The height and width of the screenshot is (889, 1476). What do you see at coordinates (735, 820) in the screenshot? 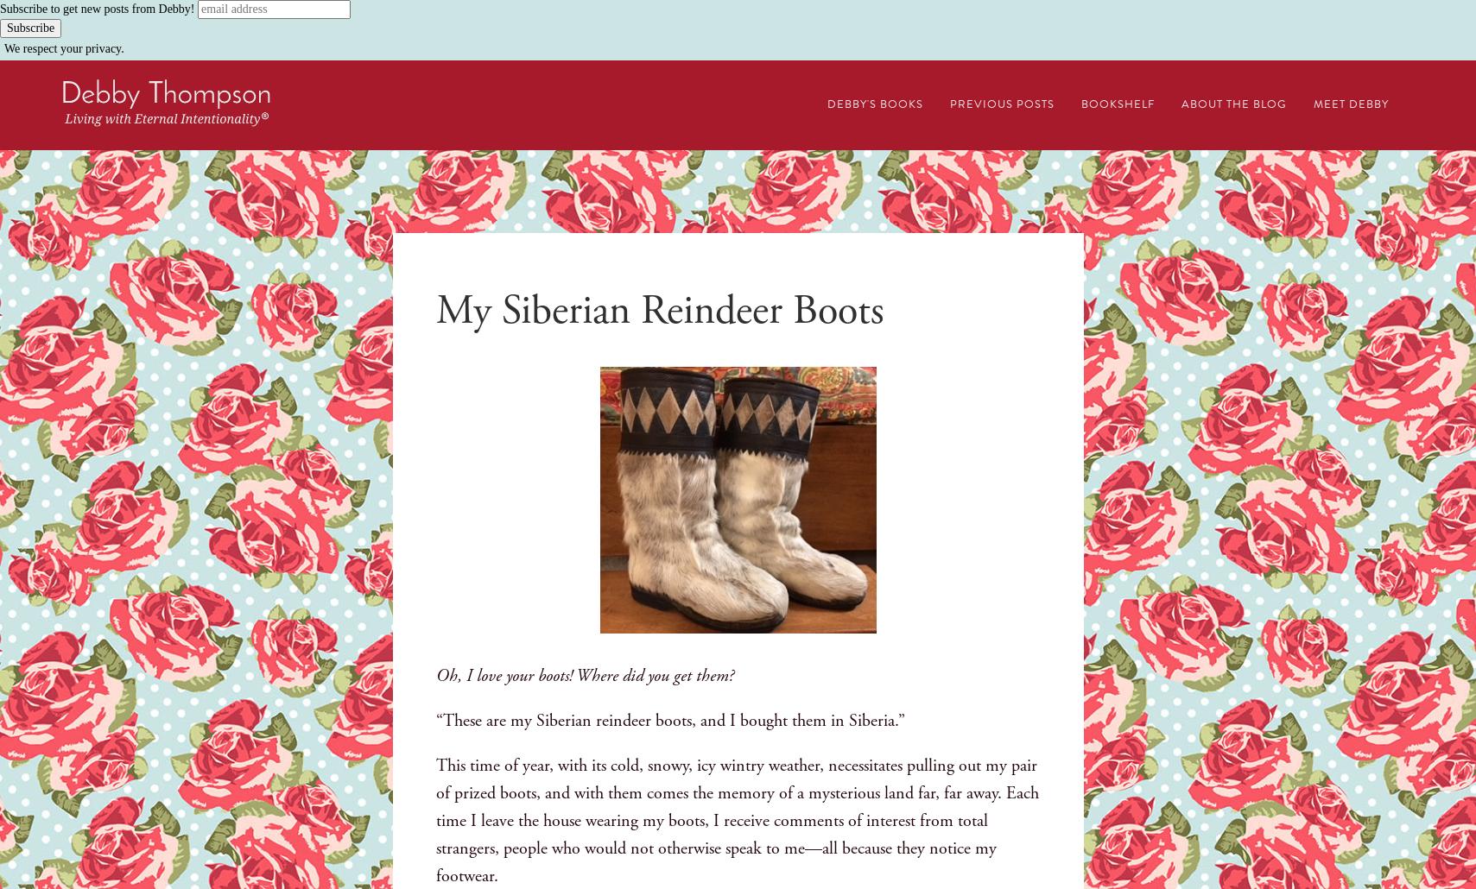
I see `'This time of year, with its cold, snowy, icy wintry weather, necessitates pulling out my pair of prized boots, and with them comes the memory of a mysterious land far, far away. Each time I leave the house wearing my boots, I receive comments of interest from total strangers, people who would not otherwise speak to me—all because they notice my footwear.'` at bounding box center [735, 820].